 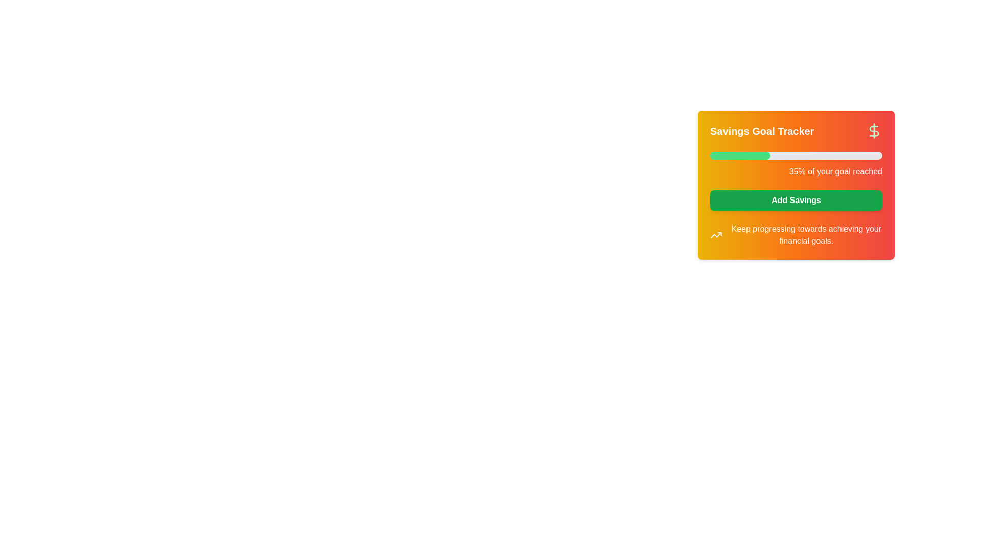 What do you see at coordinates (873, 131) in the screenshot?
I see `the decorative icon located in the upper-right corner of the 'Savings Goal Tracker' box, which emphasizes the financial nature of the section` at bounding box center [873, 131].